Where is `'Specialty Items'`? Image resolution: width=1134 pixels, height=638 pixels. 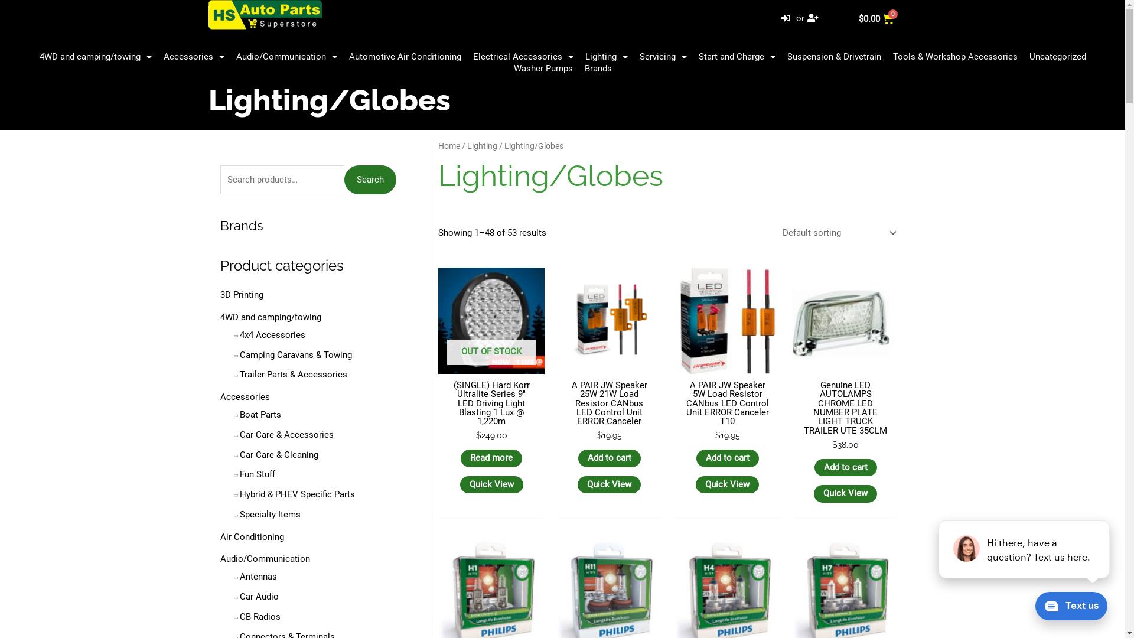 'Specialty Items' is located at coordinates (239, 514).